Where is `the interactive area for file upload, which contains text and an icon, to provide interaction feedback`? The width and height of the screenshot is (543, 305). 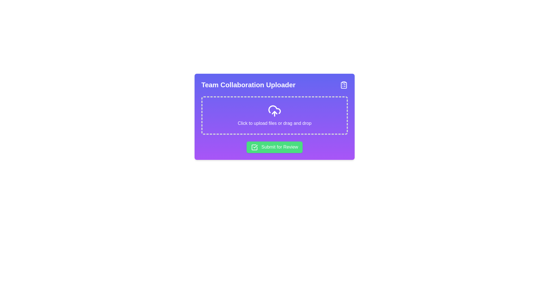
the interactive area for file upload, which contains text and an icon, to provide interaction feedback is located at coordinates (274, 115).